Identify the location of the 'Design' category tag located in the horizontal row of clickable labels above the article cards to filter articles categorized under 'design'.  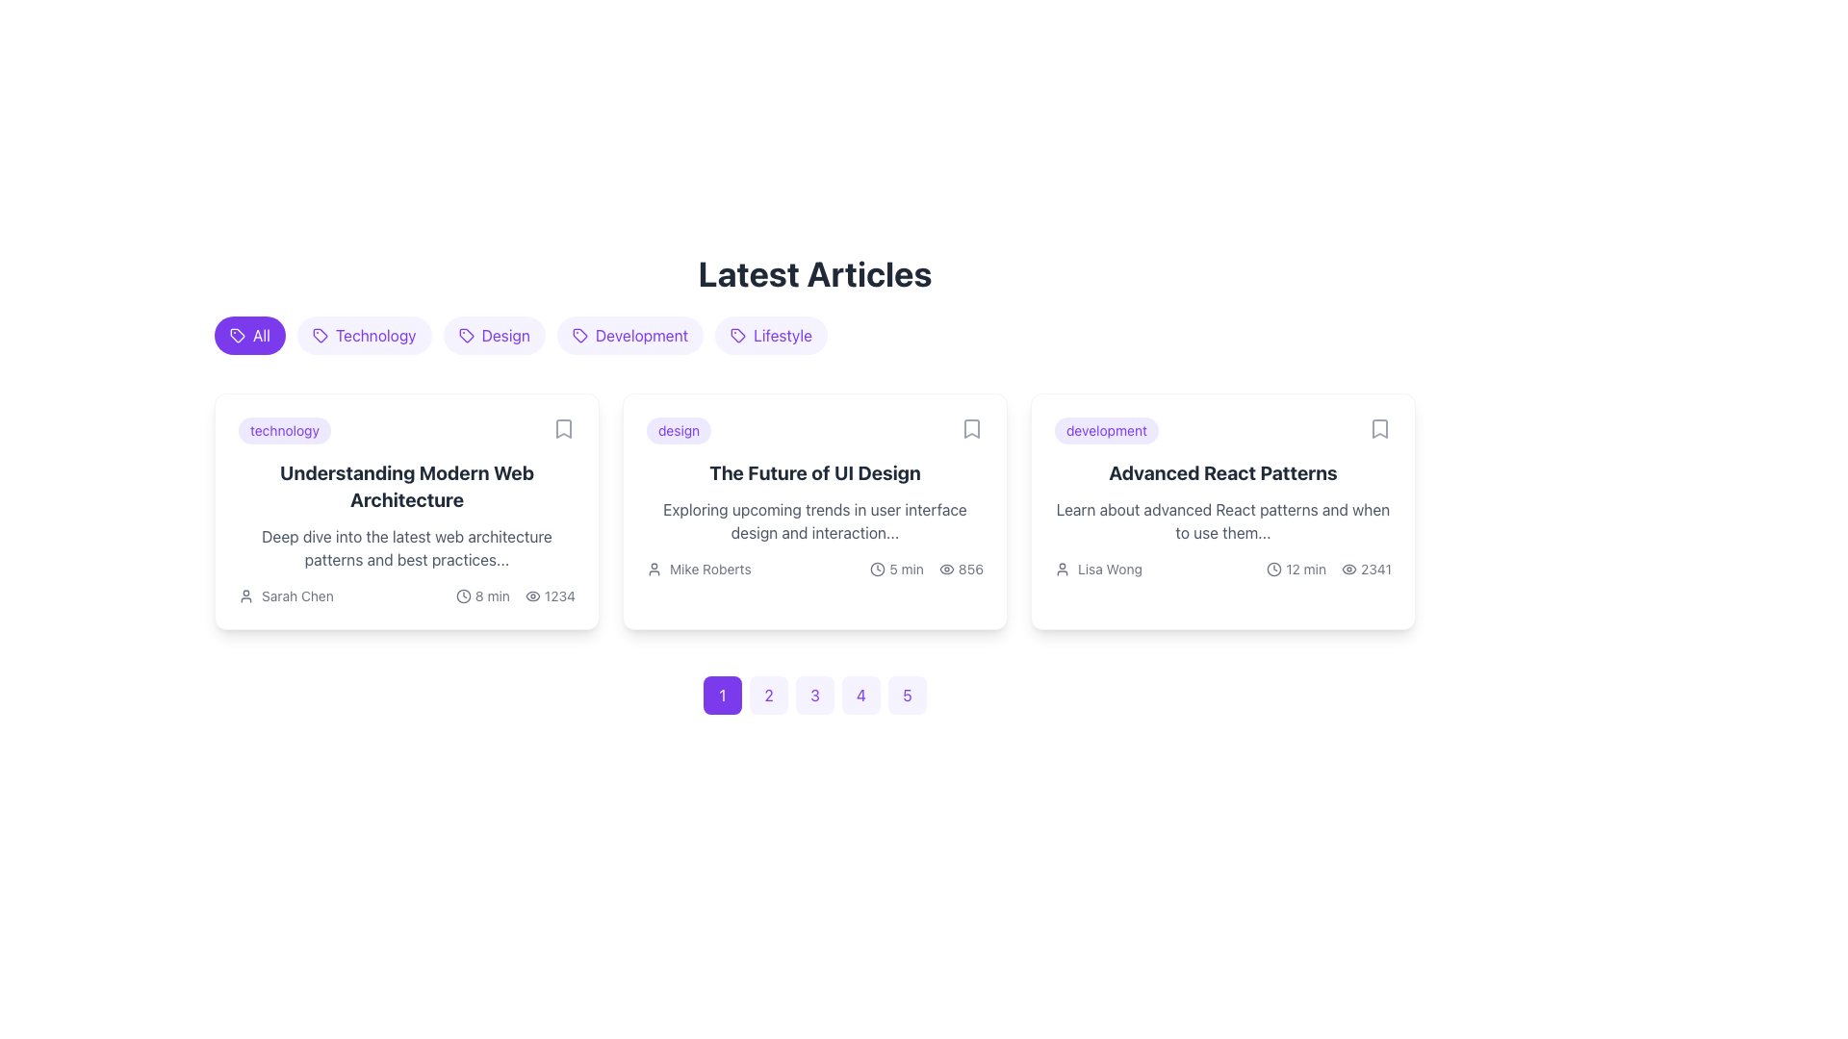
(505, 334).